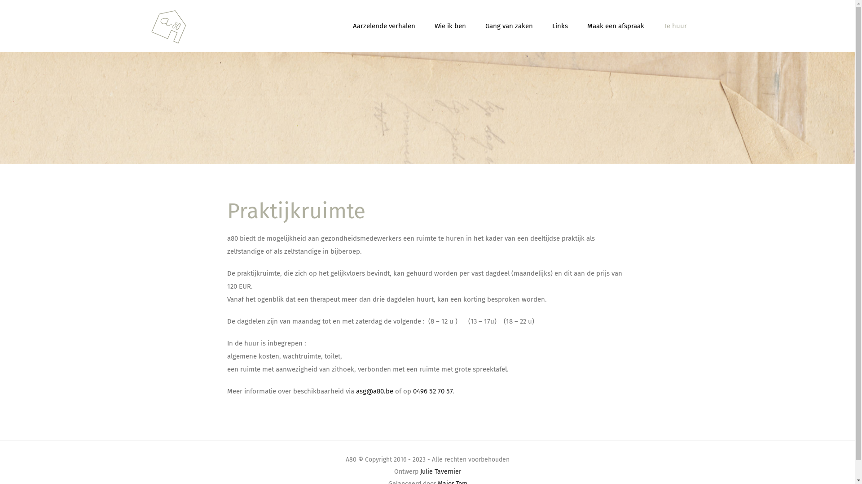 This screenshot has width=862, height=484. Describe the element at coordinates (374, 390) in the screenshot. I see `'asg@a80.be'` at that location.